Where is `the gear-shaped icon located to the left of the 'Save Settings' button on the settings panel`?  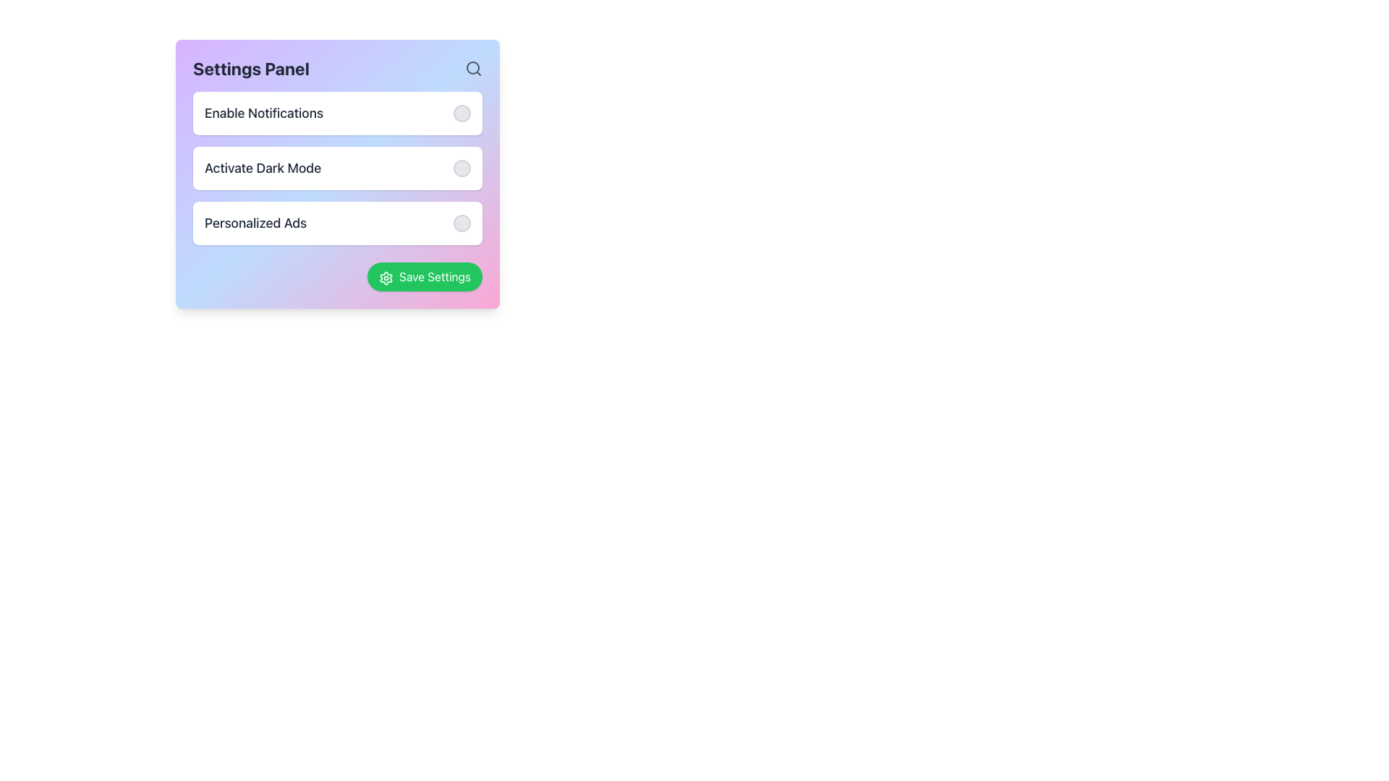 the gear-shaped icon located to the left of the 'Save Settings' button on the settings panel is located at coordinates (386, 278).